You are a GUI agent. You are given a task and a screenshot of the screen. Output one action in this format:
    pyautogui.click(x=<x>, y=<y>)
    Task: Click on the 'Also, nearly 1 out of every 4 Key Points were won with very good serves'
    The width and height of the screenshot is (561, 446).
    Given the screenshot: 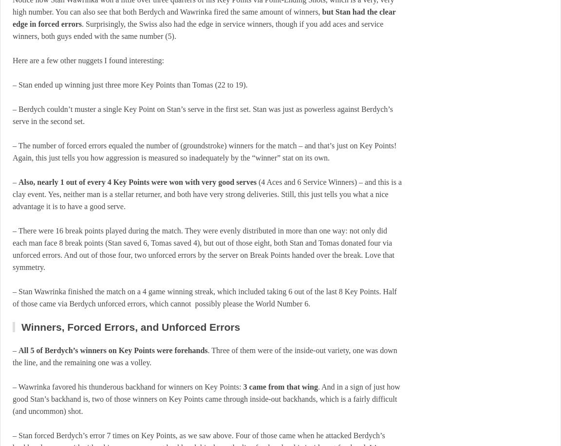 What is the action you would take?
    pyautogui.click(x=137, y=181)
    